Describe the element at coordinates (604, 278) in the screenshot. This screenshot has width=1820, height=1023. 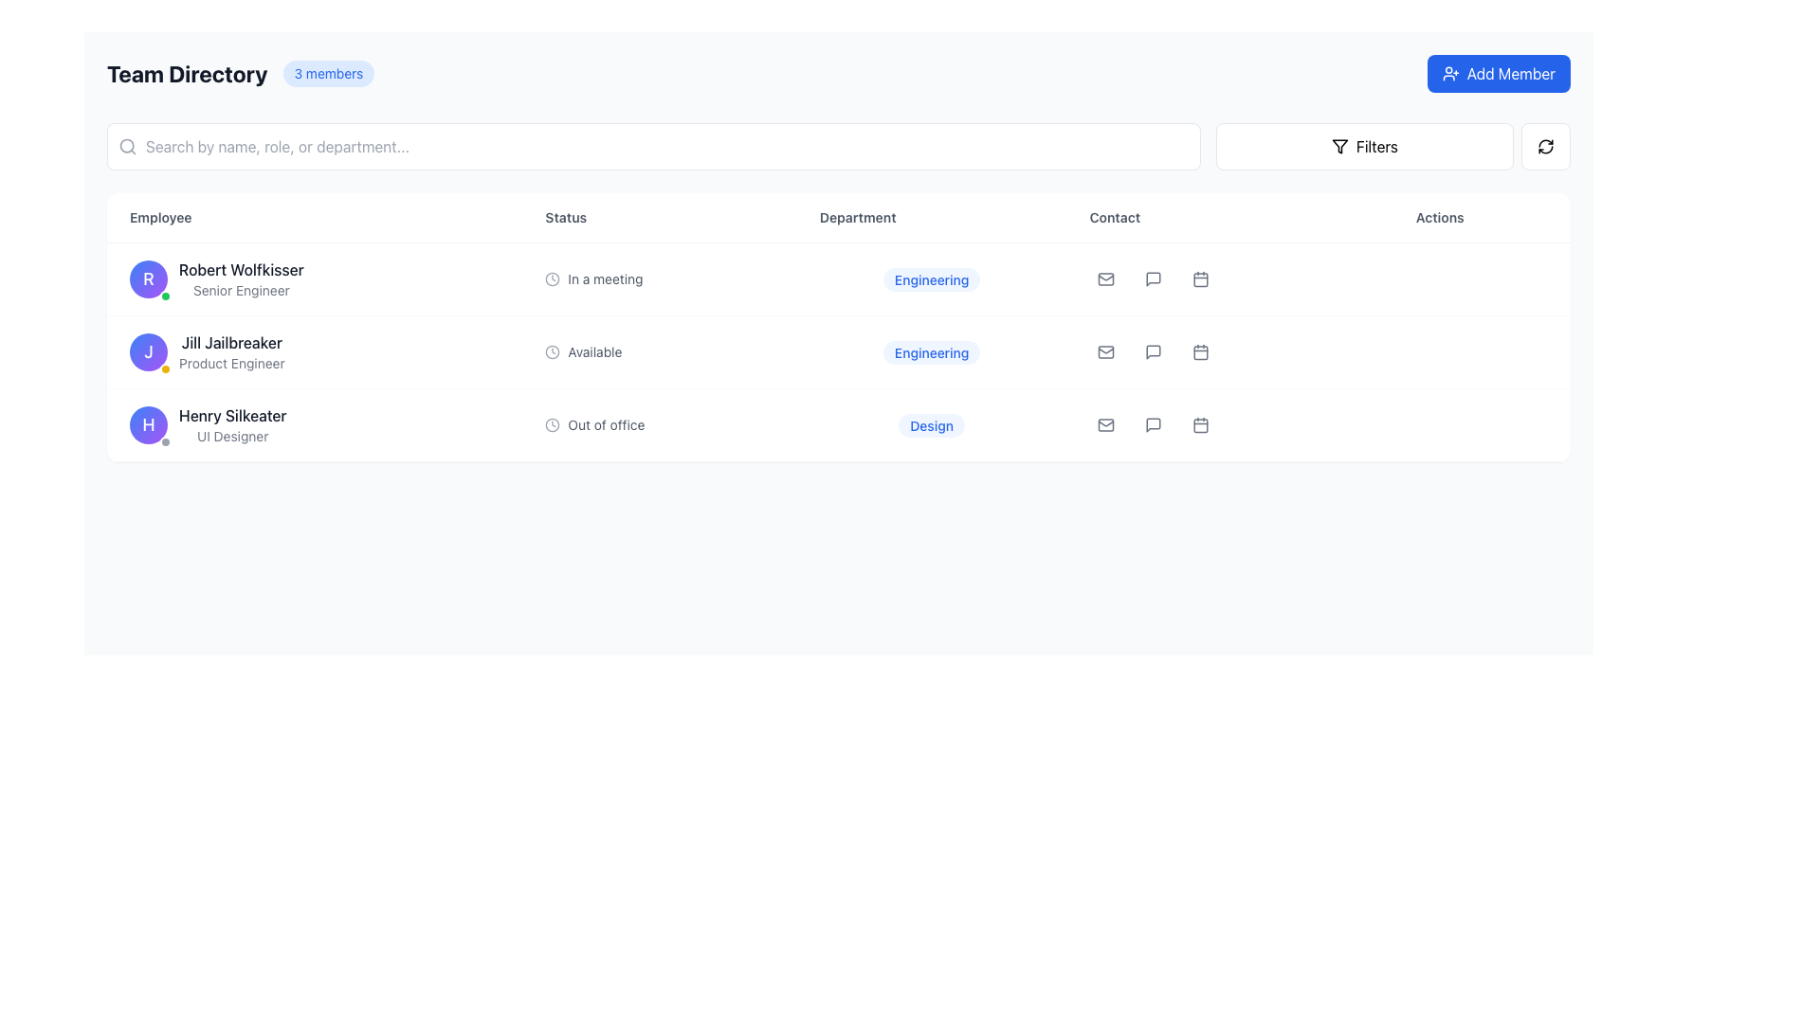
I see `the text label indicating the status of 'Robert Wolfkisser, Senior Engineer' located in the 'Status' column of the table, which is adjacent to a clock icon` at that location.